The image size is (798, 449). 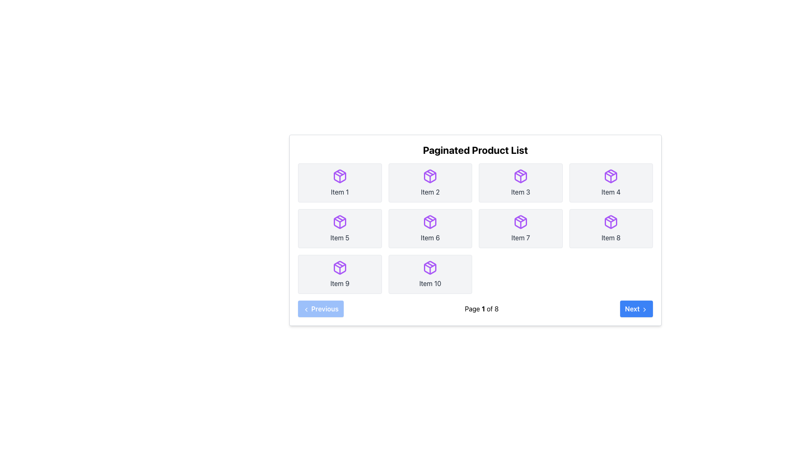 I want to click on the icon representing an item entry located in the third position of the first row of a grid layout, so click(x=520, y=176).